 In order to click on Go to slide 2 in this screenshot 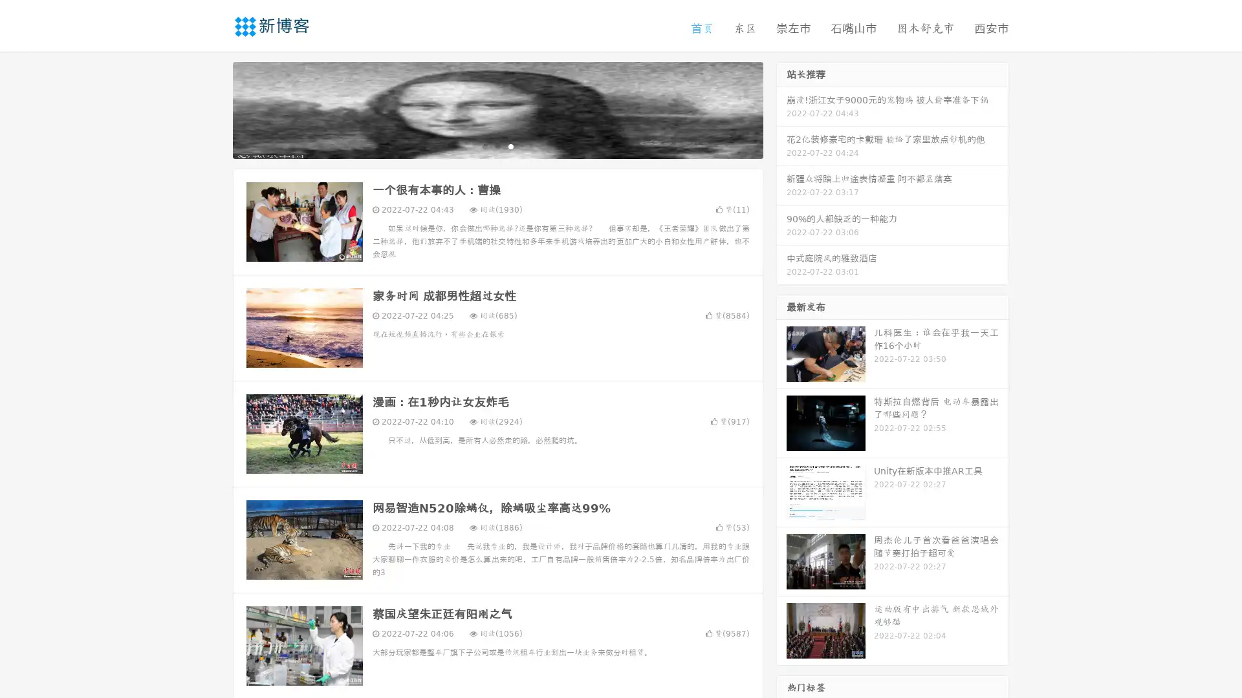, I will do `click(497, 145)`.